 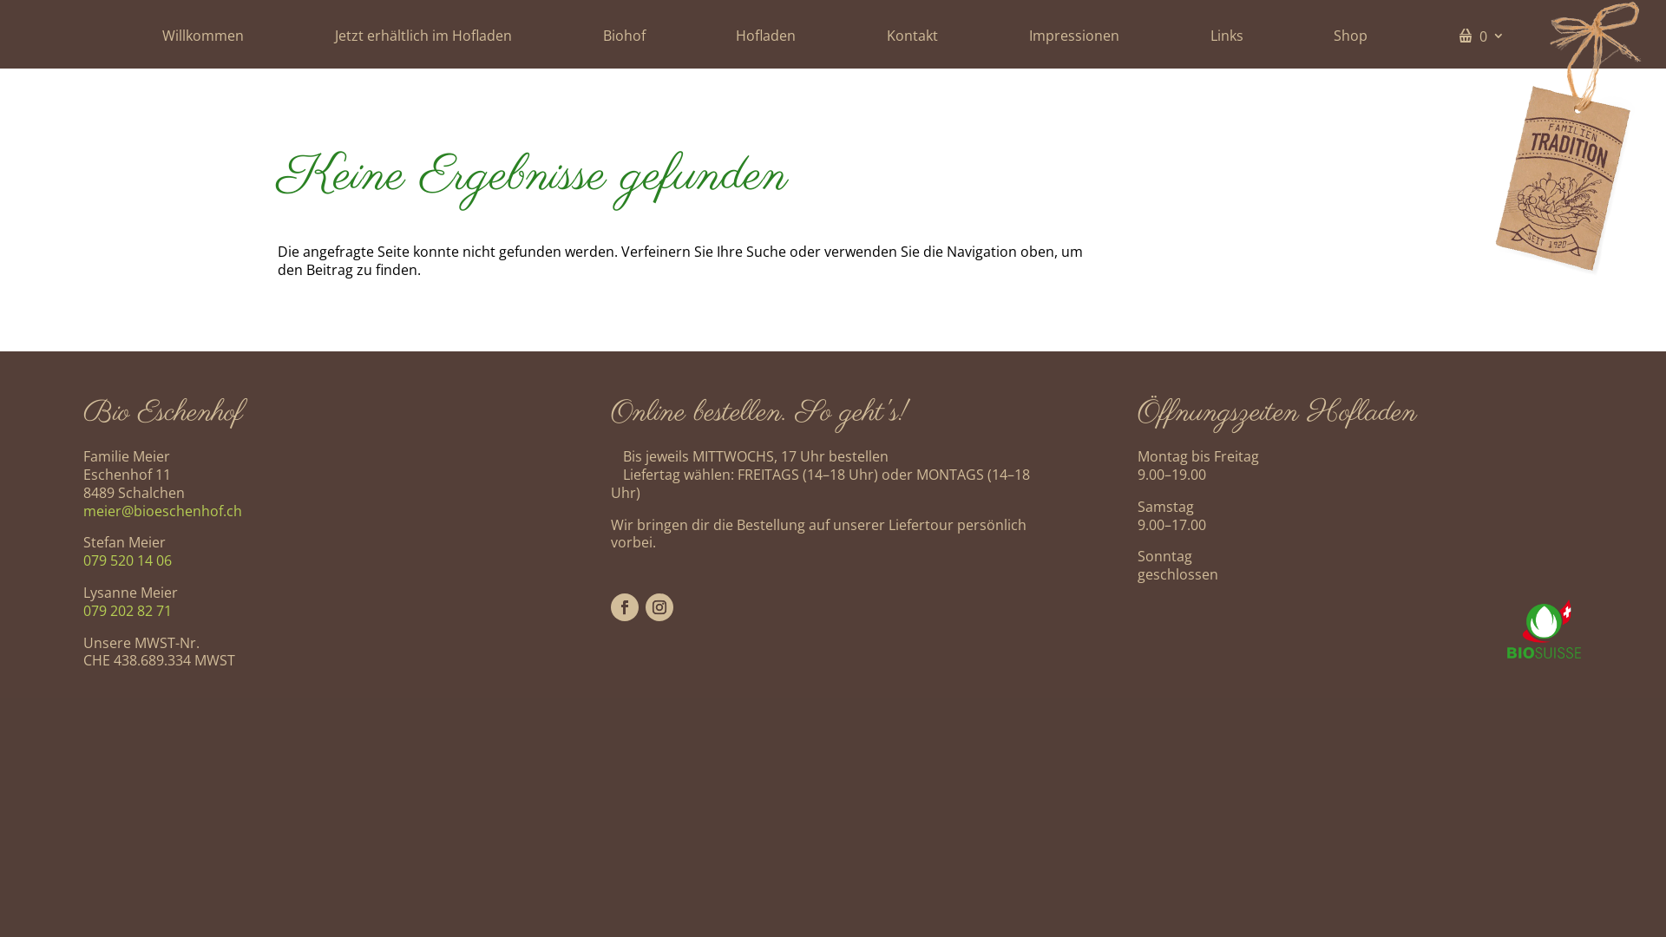 What do you see at coordinates (162, 510) in the screenshot?
I see `'meier@bioeschenhof.ch'` at bounding box center [162, 510].